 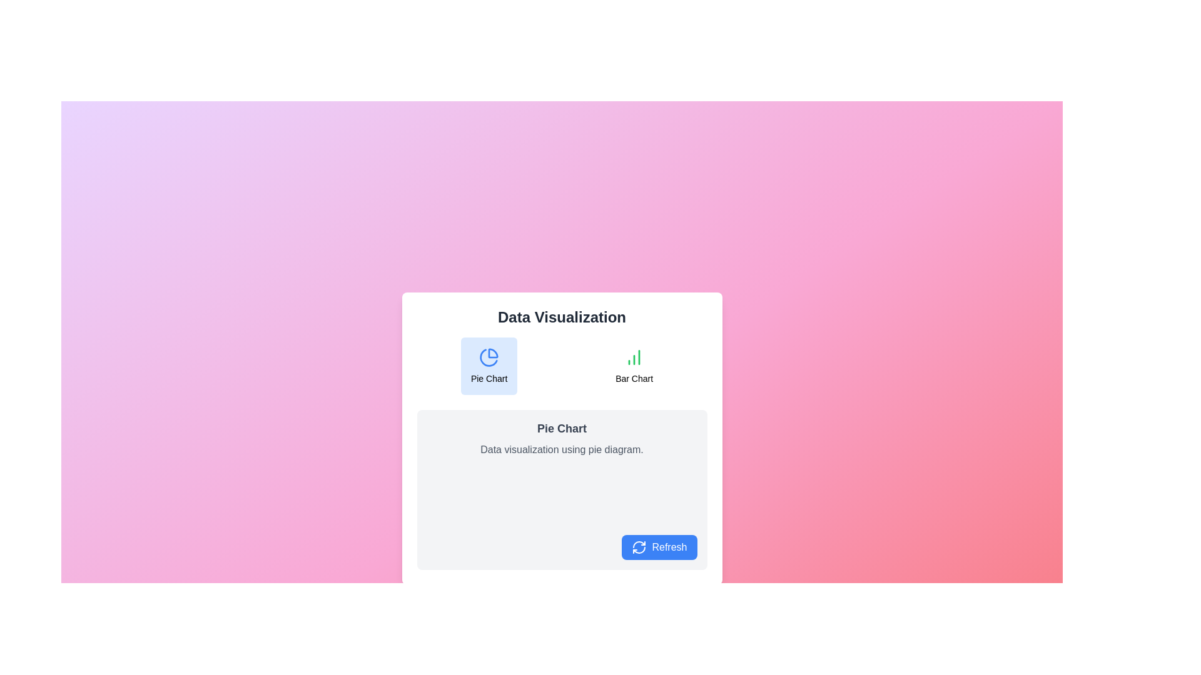 What do you see at coordinates (561, 428) in the screenshot?
I see `the Text Label that serves as a title for the pie chart visualization section, positioned above the text 'Data visualization using pie diagram.'` at bounding box center [561, 428].